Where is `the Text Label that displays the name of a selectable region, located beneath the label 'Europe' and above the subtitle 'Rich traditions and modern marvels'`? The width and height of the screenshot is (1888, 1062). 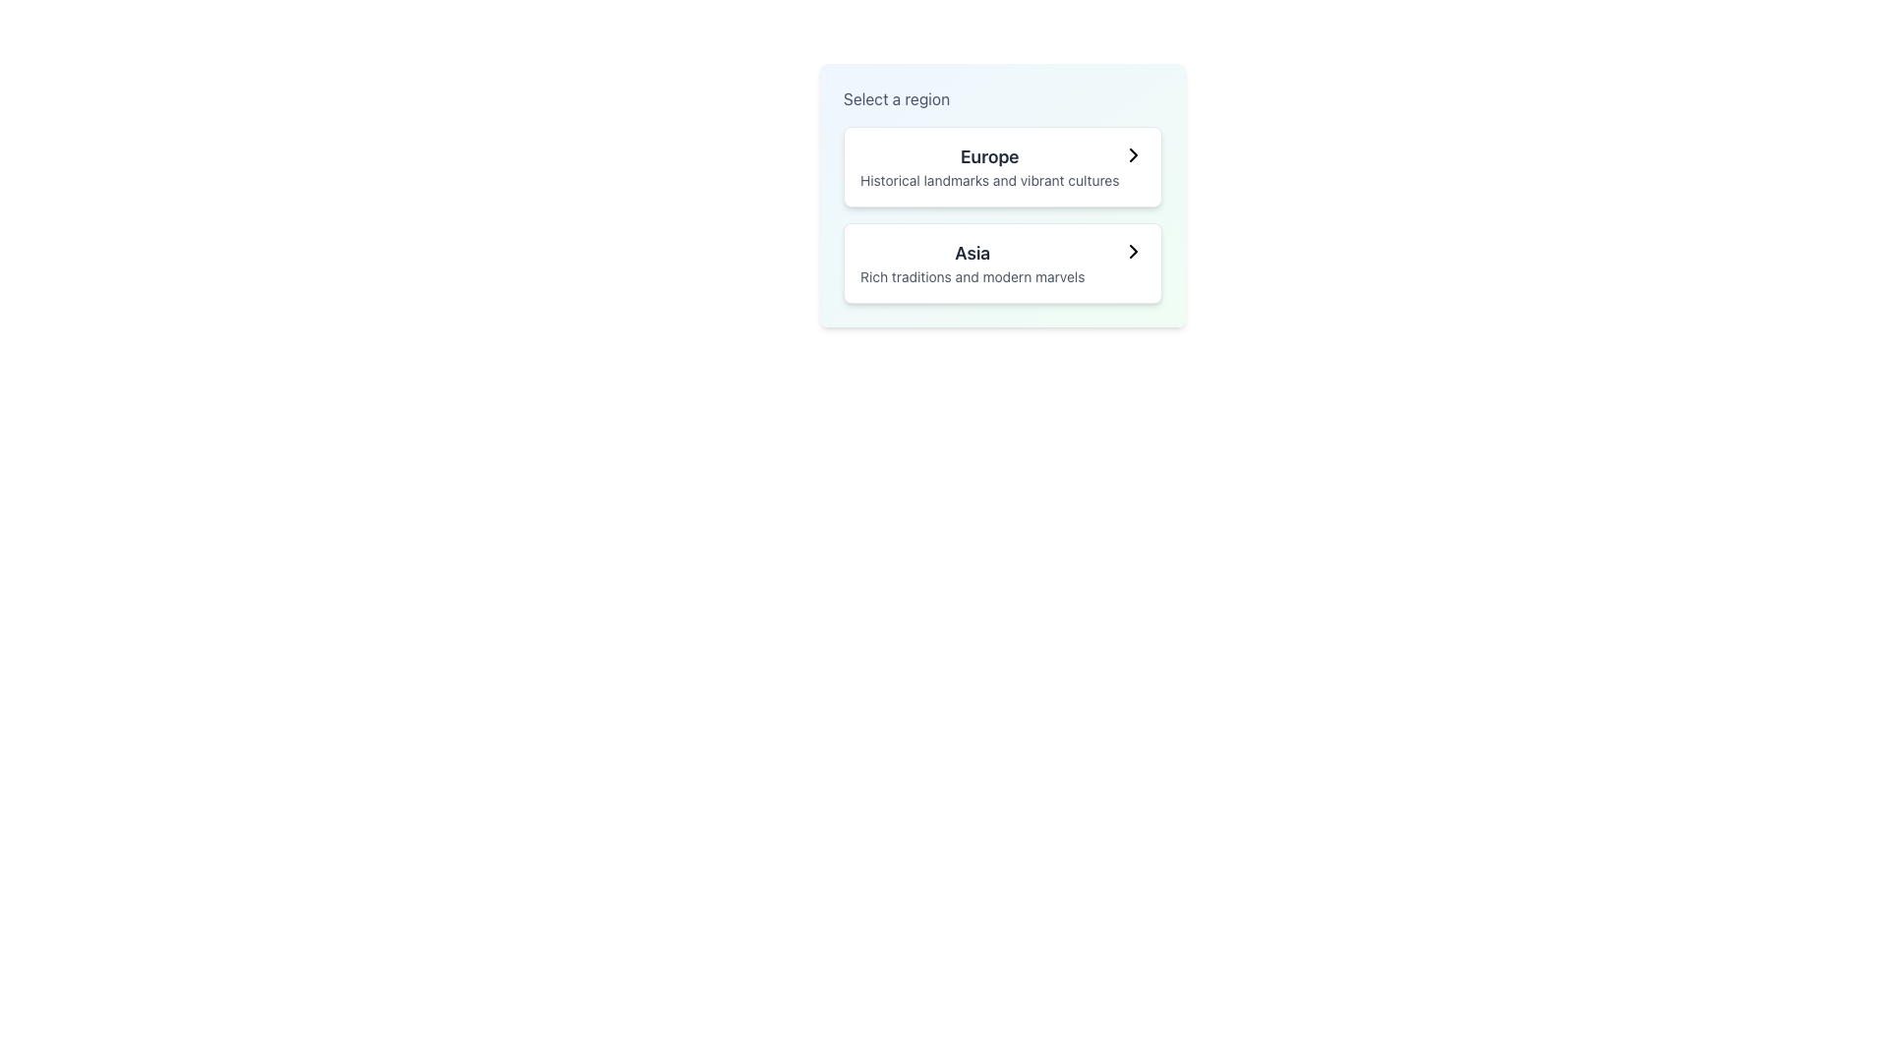
the Text Label that displays the name of a selectable region, located beneath the label 'Europe' and above the subtitle 'Rich traditions and modern marvels' is located at coordinates (973, 253).